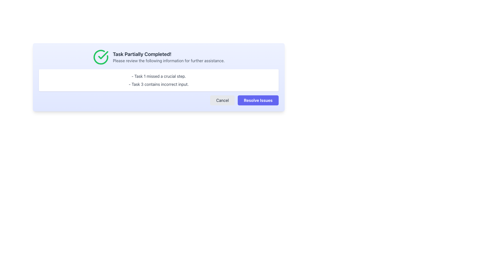 This screenshot has height=271, width=482. Describe the element at coordinates (169, 54) in the screenshot. I see `text segment that states 'Task Partially Completed!', which is bold and dark gray in color, located near the top left of the dialog box, just to the right of a green check icon` at that location.